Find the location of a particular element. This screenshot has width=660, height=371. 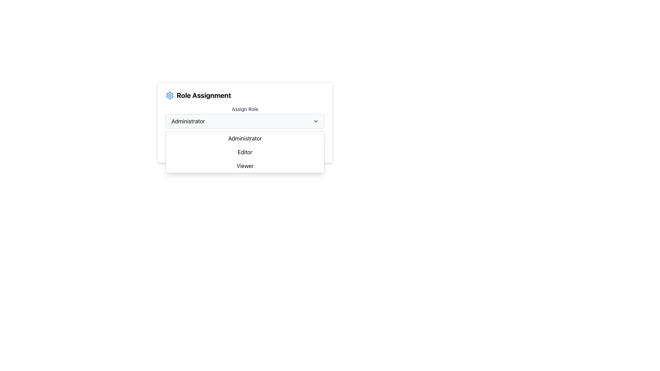

the role selection dropdown menu located below the 'Assign Role' text field in the 'Role Assignment' section is located at coordinates (245, 152).